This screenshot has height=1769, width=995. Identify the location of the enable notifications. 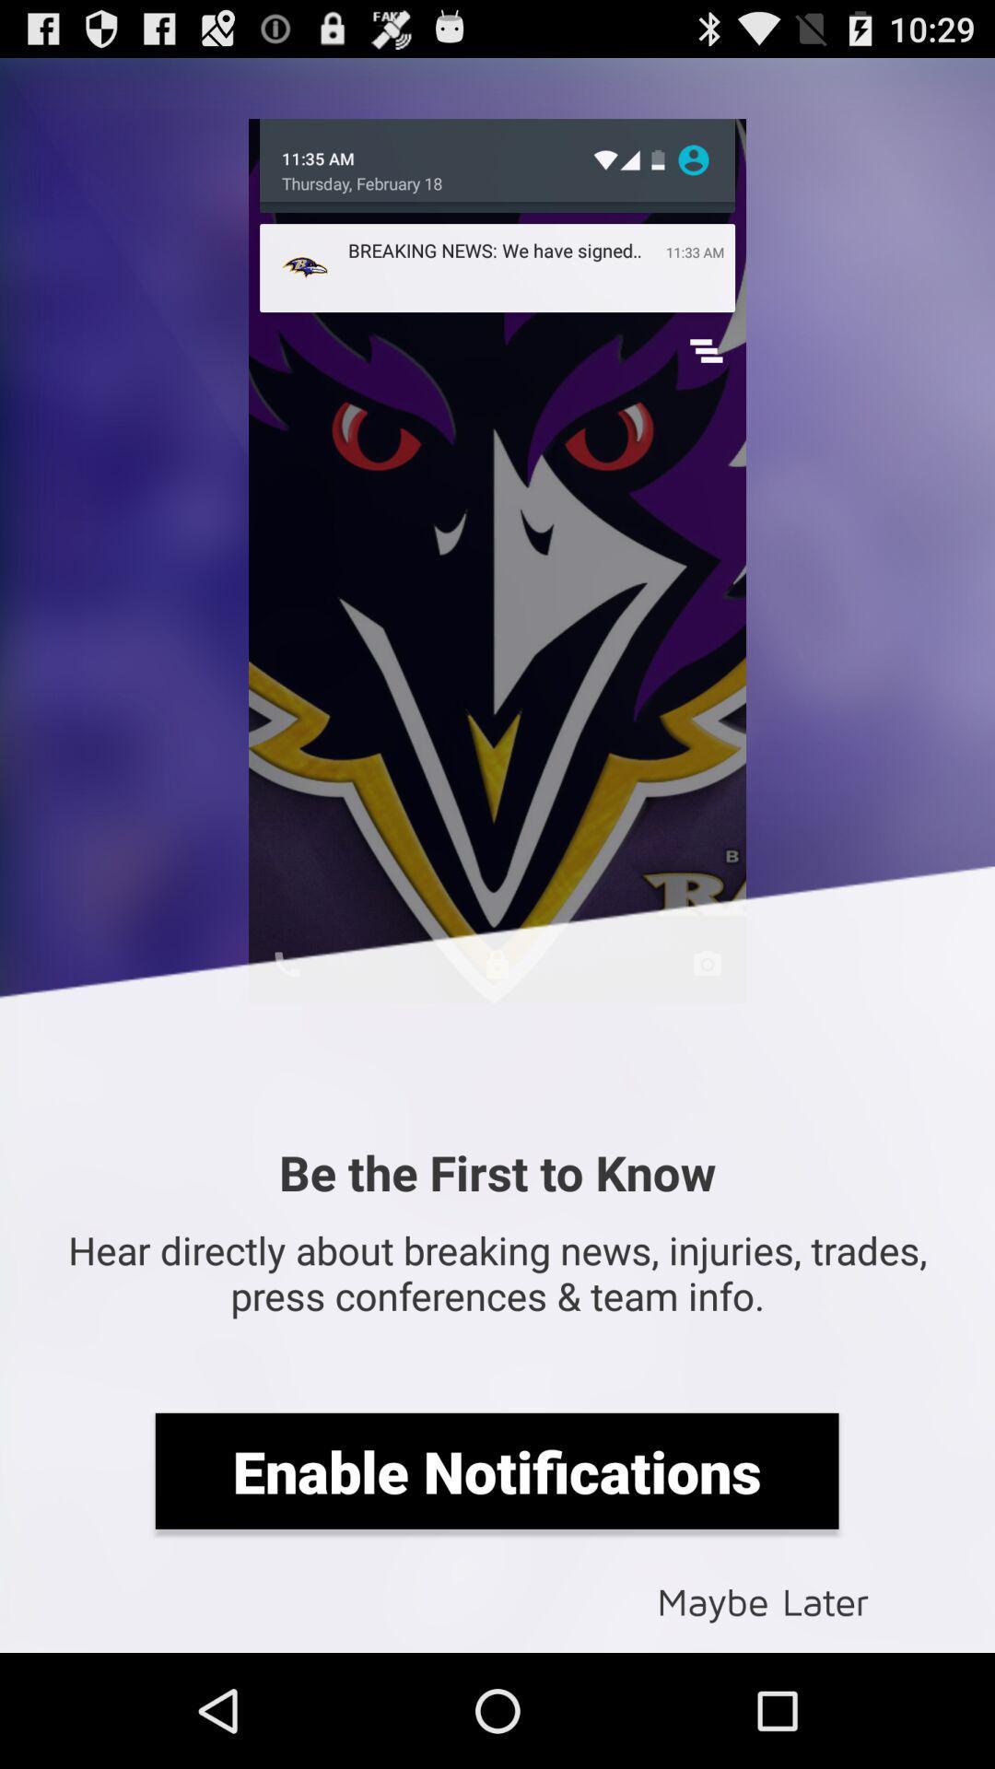
(496, 1470).